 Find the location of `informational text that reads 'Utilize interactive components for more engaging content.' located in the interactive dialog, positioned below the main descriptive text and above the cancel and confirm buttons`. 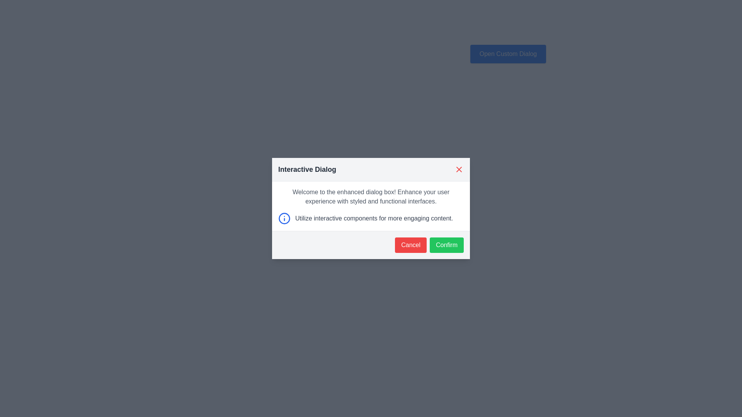

informational text that reads 'Utilize interactive components for more engaging content.' located in the interactive dialog, positioned below the main descriptive text and above the cancel and confirm buttons is located at coordinates (371, 219).